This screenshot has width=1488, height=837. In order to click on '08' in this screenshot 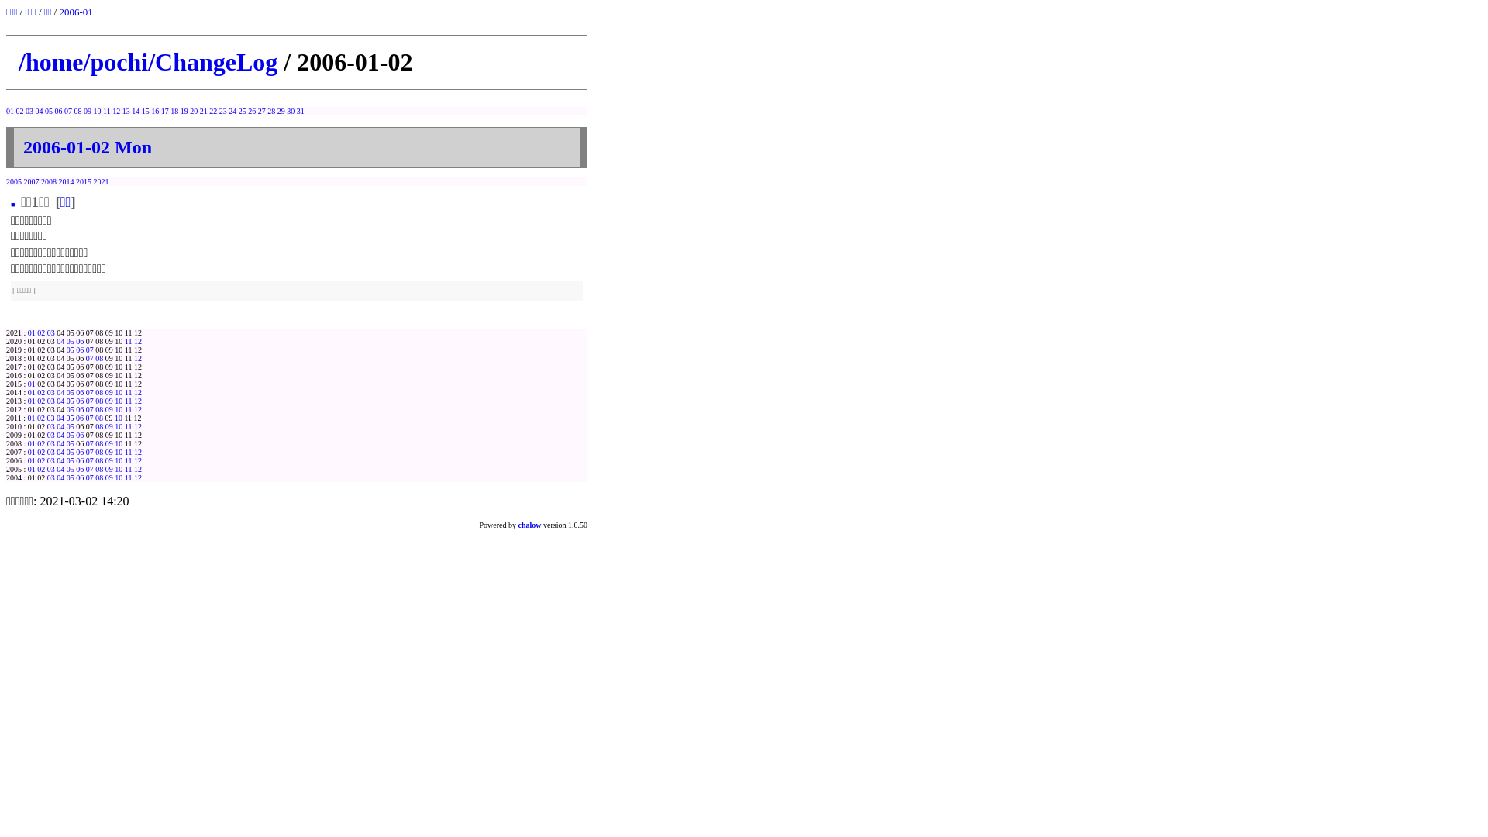, I will do `click(98, 460)`.